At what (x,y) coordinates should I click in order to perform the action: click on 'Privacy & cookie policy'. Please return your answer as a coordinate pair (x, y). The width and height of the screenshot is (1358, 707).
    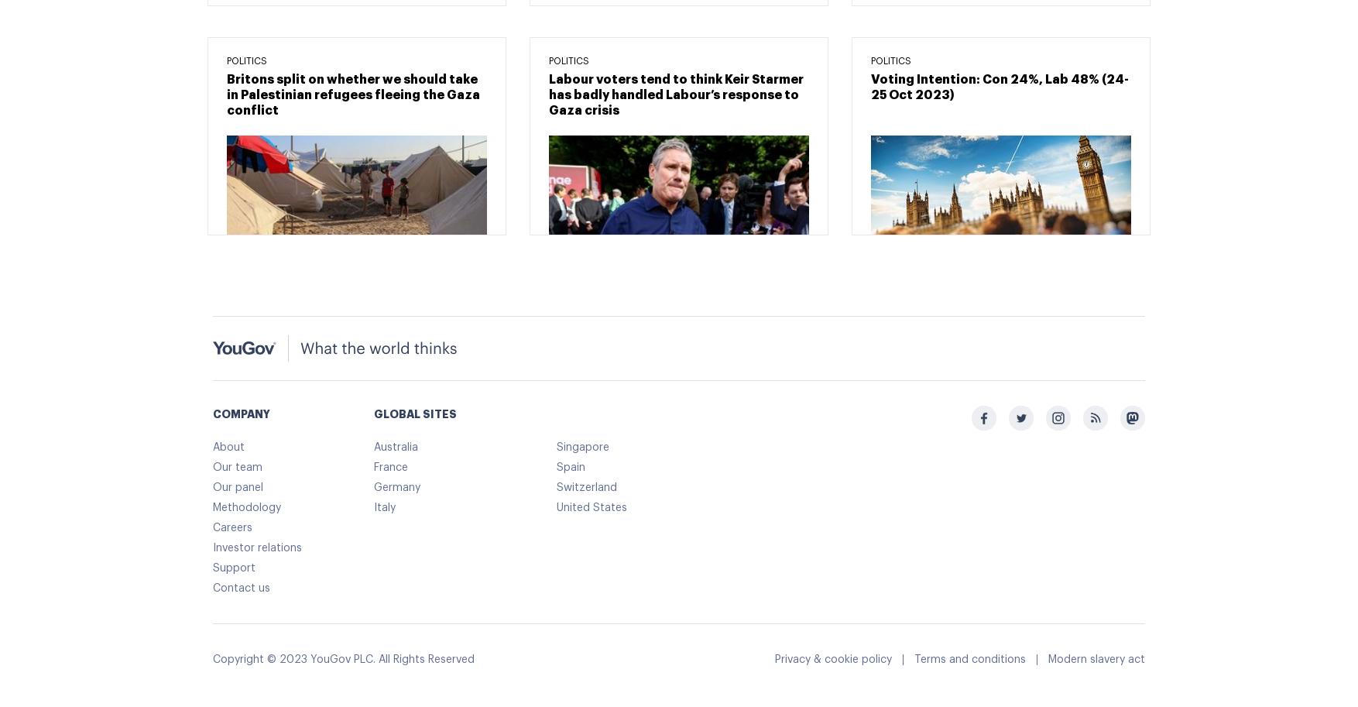
    Looking at the image, I should click on (774, 659).